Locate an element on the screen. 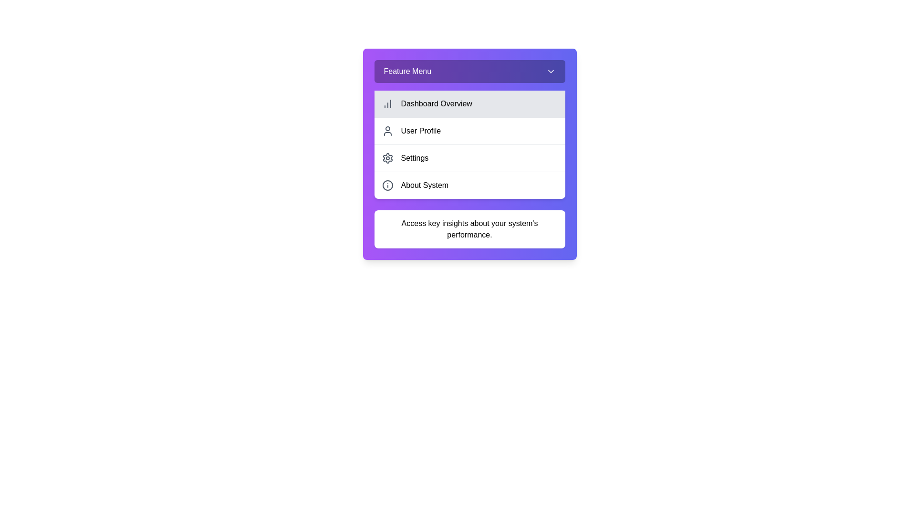 The width and height of the screenshot is (916, 515). the second item in the vertical menu, which allows access to user profile-related features is located at coordinates (469, 131).